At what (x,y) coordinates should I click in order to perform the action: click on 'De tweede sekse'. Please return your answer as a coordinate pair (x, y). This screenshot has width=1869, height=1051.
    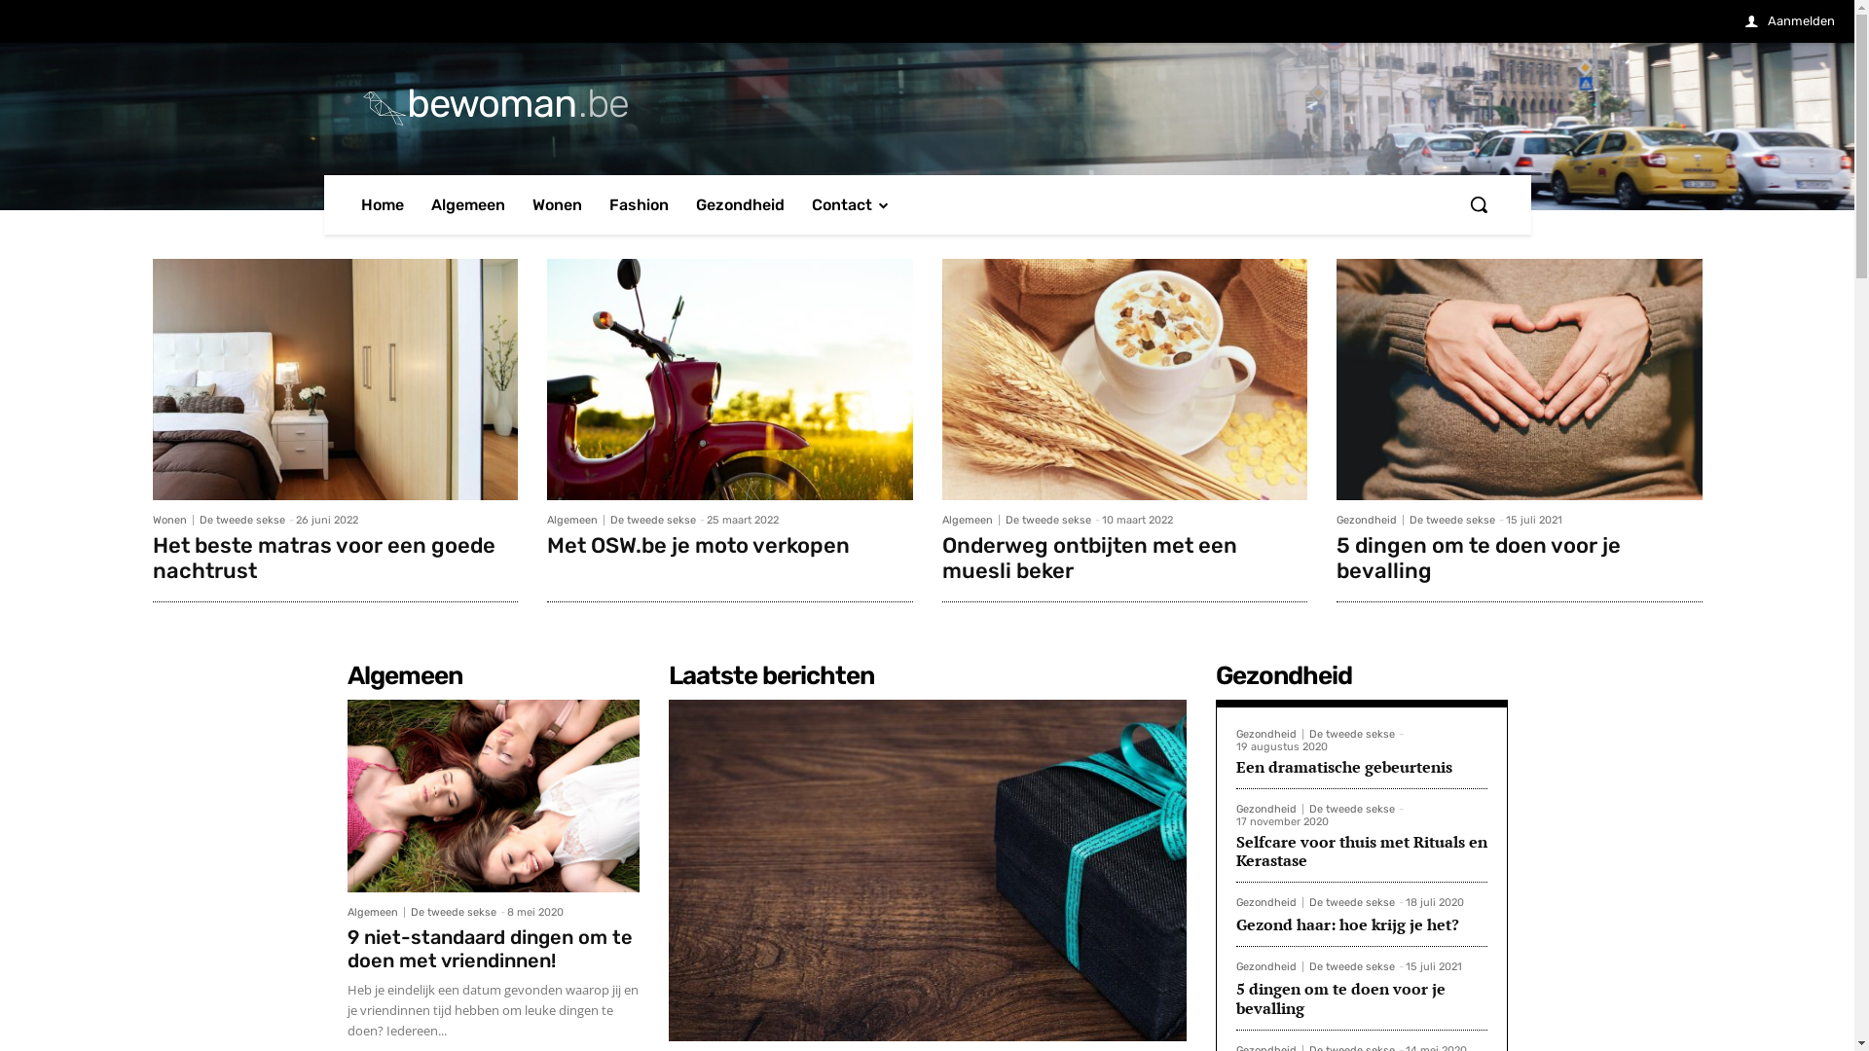
    Looking at the image, I should click on (1349, 902).